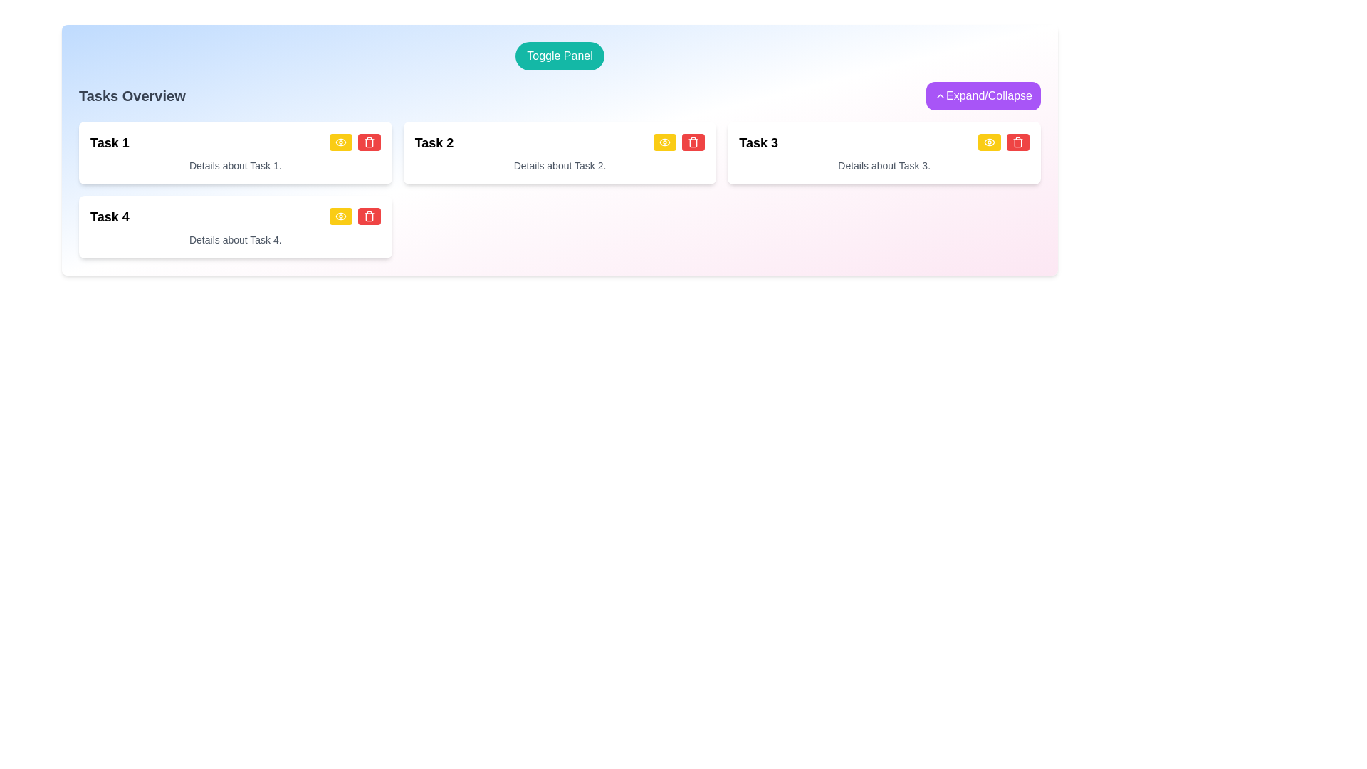  What do you see at coordinates (693, 142) in the screenshot?
I see `the trash can icon within the red delete button` at bounding box center [693, 142].